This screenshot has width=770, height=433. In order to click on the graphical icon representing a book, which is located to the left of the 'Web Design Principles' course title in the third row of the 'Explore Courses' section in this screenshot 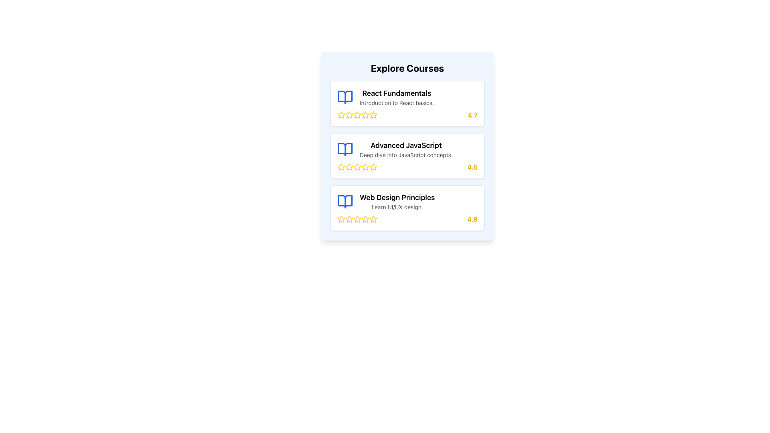, I will do `click(345, 201)`.